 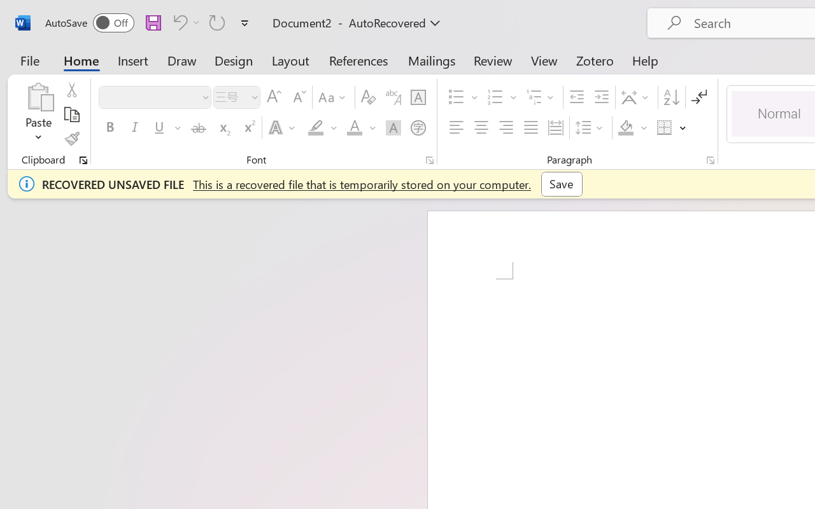 What do you see at coordinates (481, 128) in the screenshot?
I see `'Center'` at bounding box center [481, 128].